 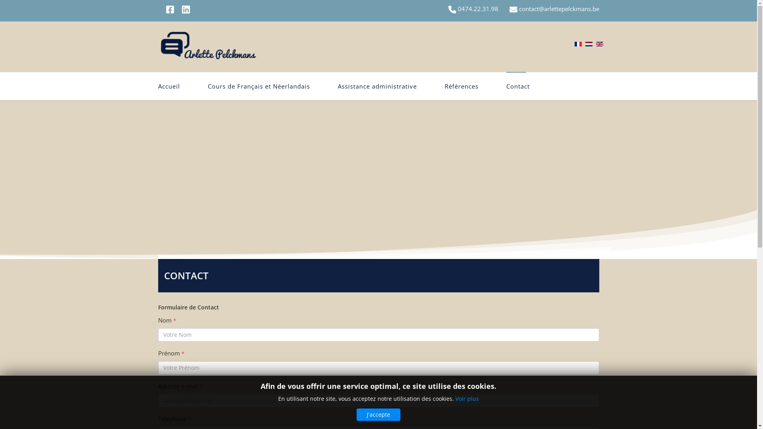 What do you see at coordinates (599, 44) in the screenshot?
I see `'English (United Kingdom)'` at bounding box center [599, 44].